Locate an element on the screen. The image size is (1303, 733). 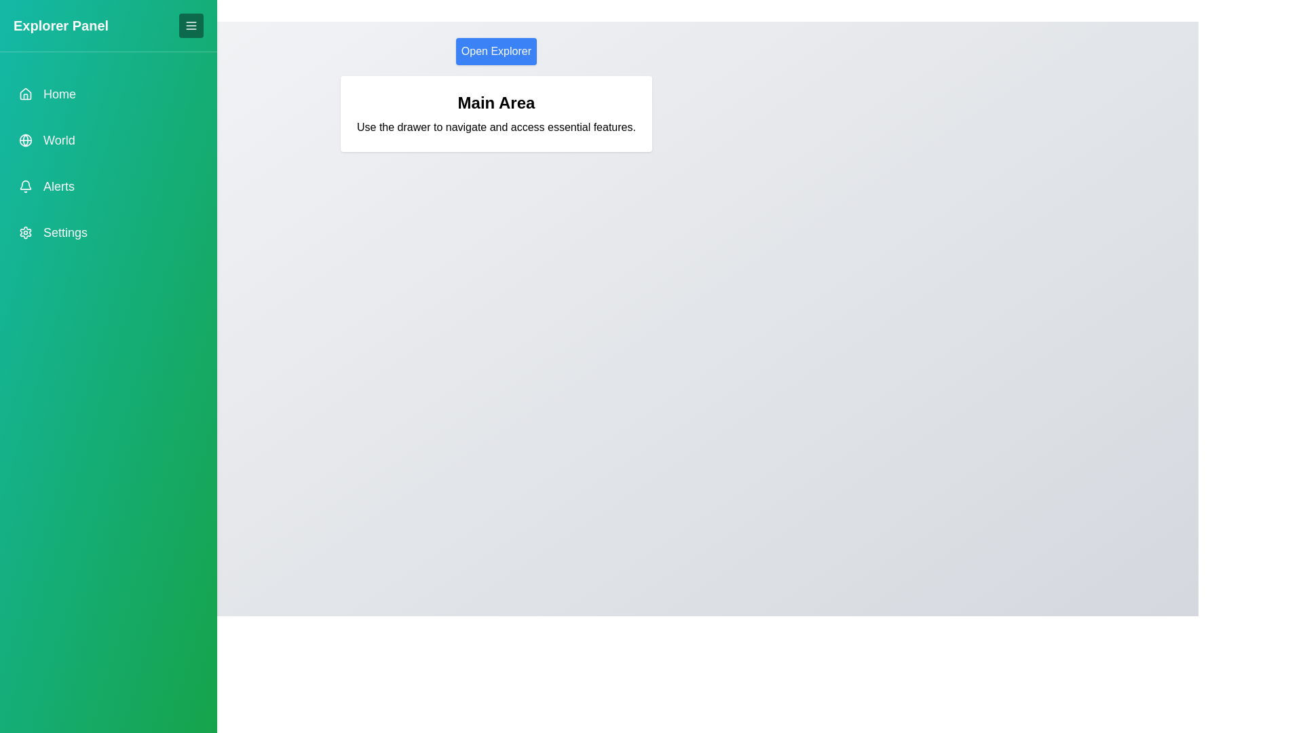
toggle button to toggle the drawer visibility is located at coordinates (191, 26).